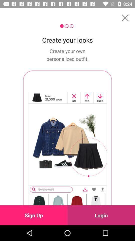 This screenshot has height=241, width=135. Describe the element at coordinates (101, 215) in the screenshot. I see `login icon` at that location.